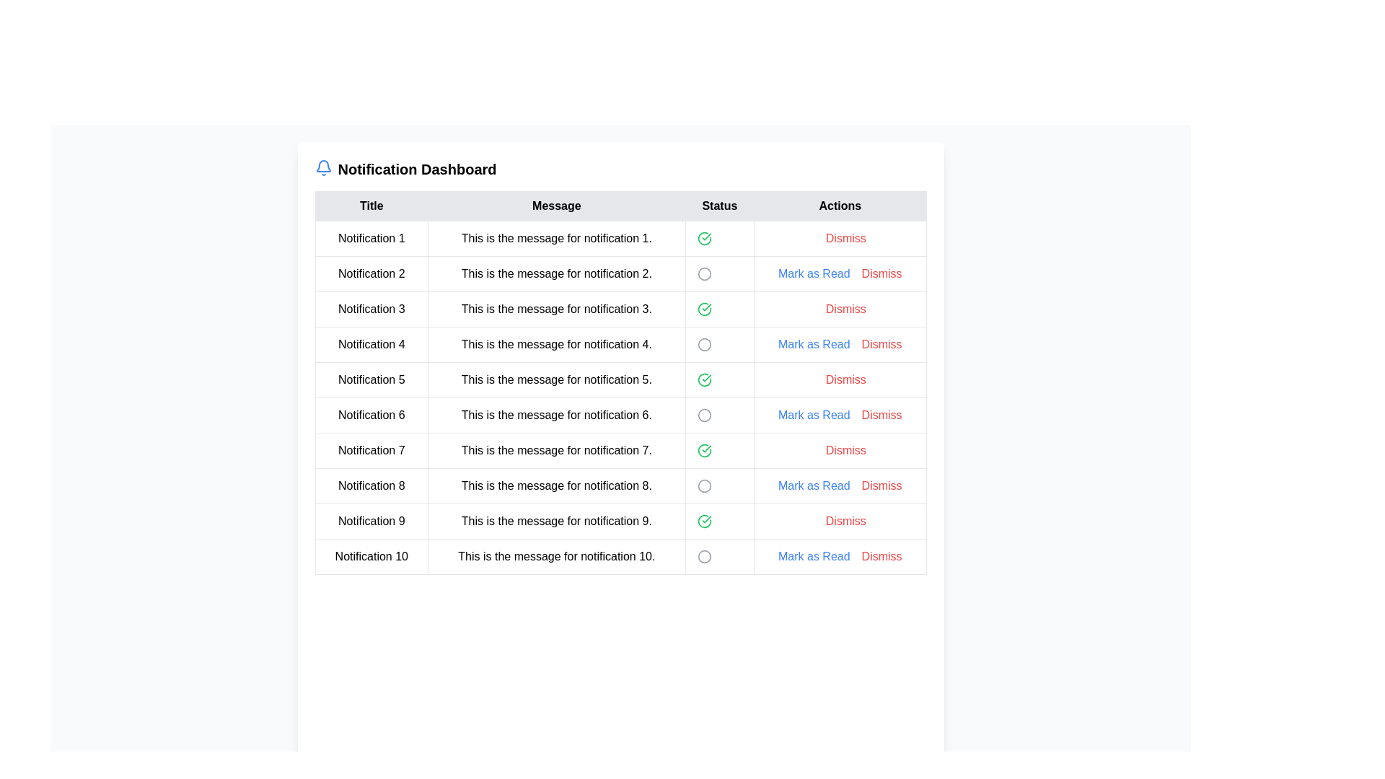 The height and width of the screenshot is (779, 1385). What do you see at coordinates (704, 555) in the screenshot?
I see `the circular gray icon located in the 'Status' column of the last row in the notifications table, positioned left of 'Mark as Read' and right of 'This is the message for notification 10'` at bounding box center [704, 555].